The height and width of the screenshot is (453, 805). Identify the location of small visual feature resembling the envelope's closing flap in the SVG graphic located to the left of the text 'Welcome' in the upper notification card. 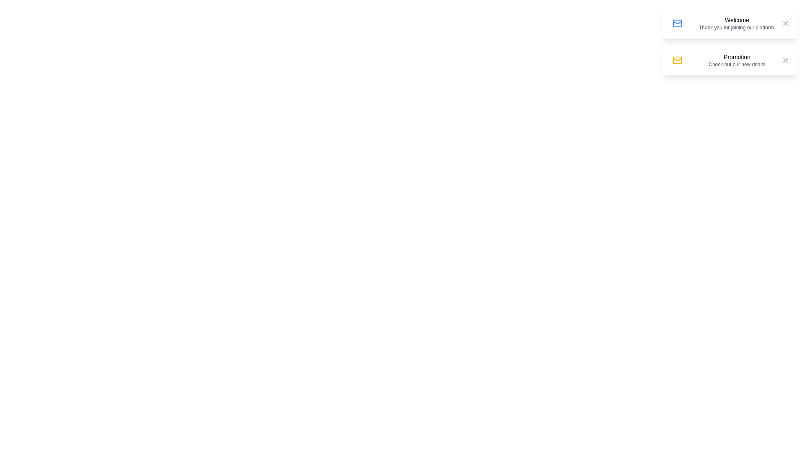
(678, 59).